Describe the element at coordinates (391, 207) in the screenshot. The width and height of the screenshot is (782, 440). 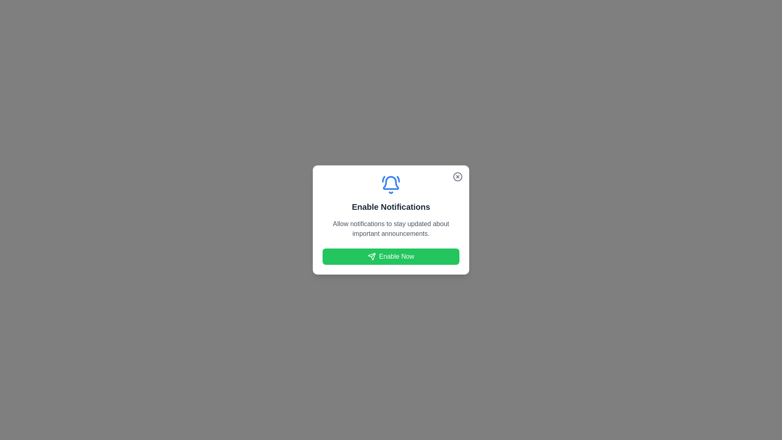
I see `the text to select it` at that location.